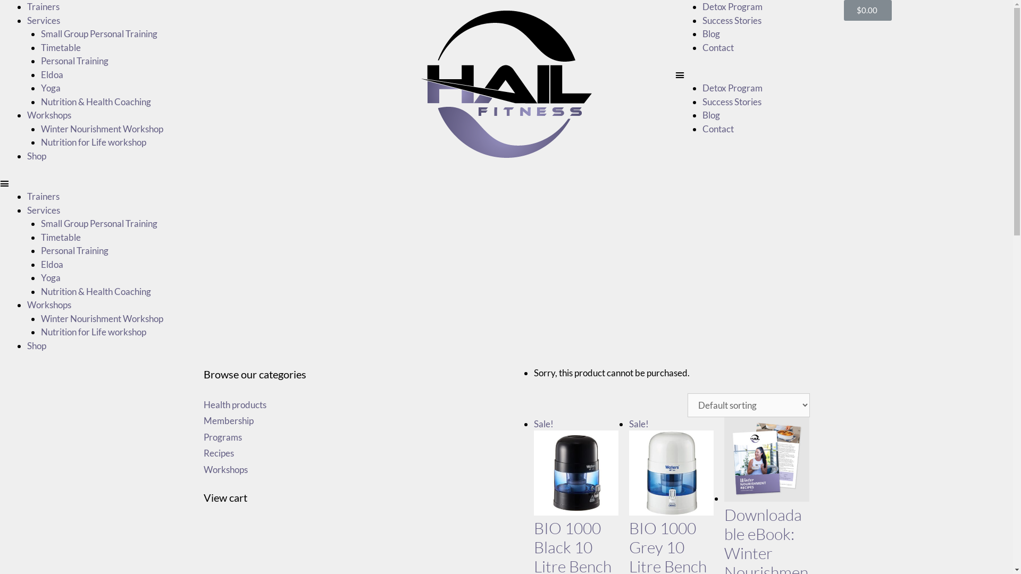 The height and width of the screenshot is (574, 1021). I want to click on 'Shop', so click(36, 155).